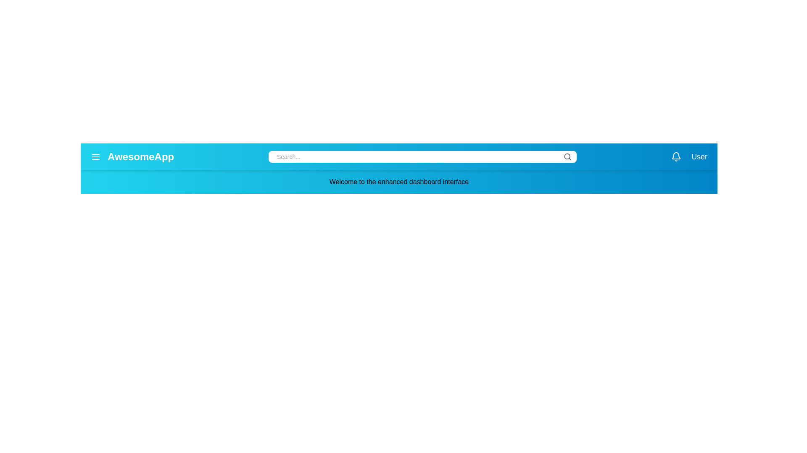 The image size is (807, 453). What do you see at coordinates (132, 157) in the screenshot?
I see `the 'AwesomeApp' text label located in the blue header bar` at bounding box center [132, 157].